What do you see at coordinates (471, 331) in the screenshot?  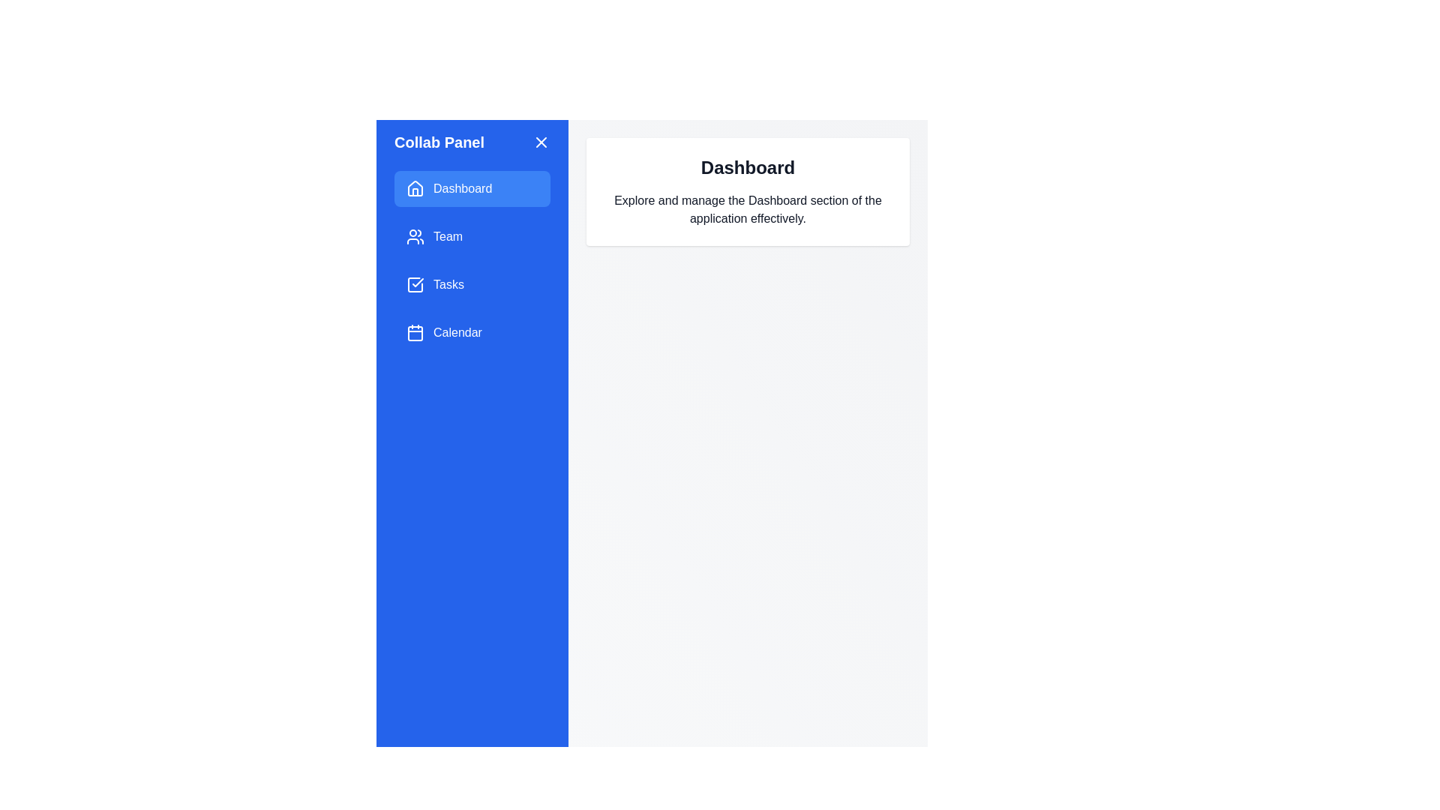 I see `the Calendar option from the navigation menu` at bounding box center [471, 331].